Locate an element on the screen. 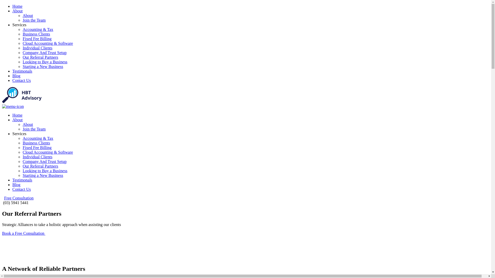 The width and height of the screenshot is (495, 278). 'Join the Team' is located at coordinates (22, 129).